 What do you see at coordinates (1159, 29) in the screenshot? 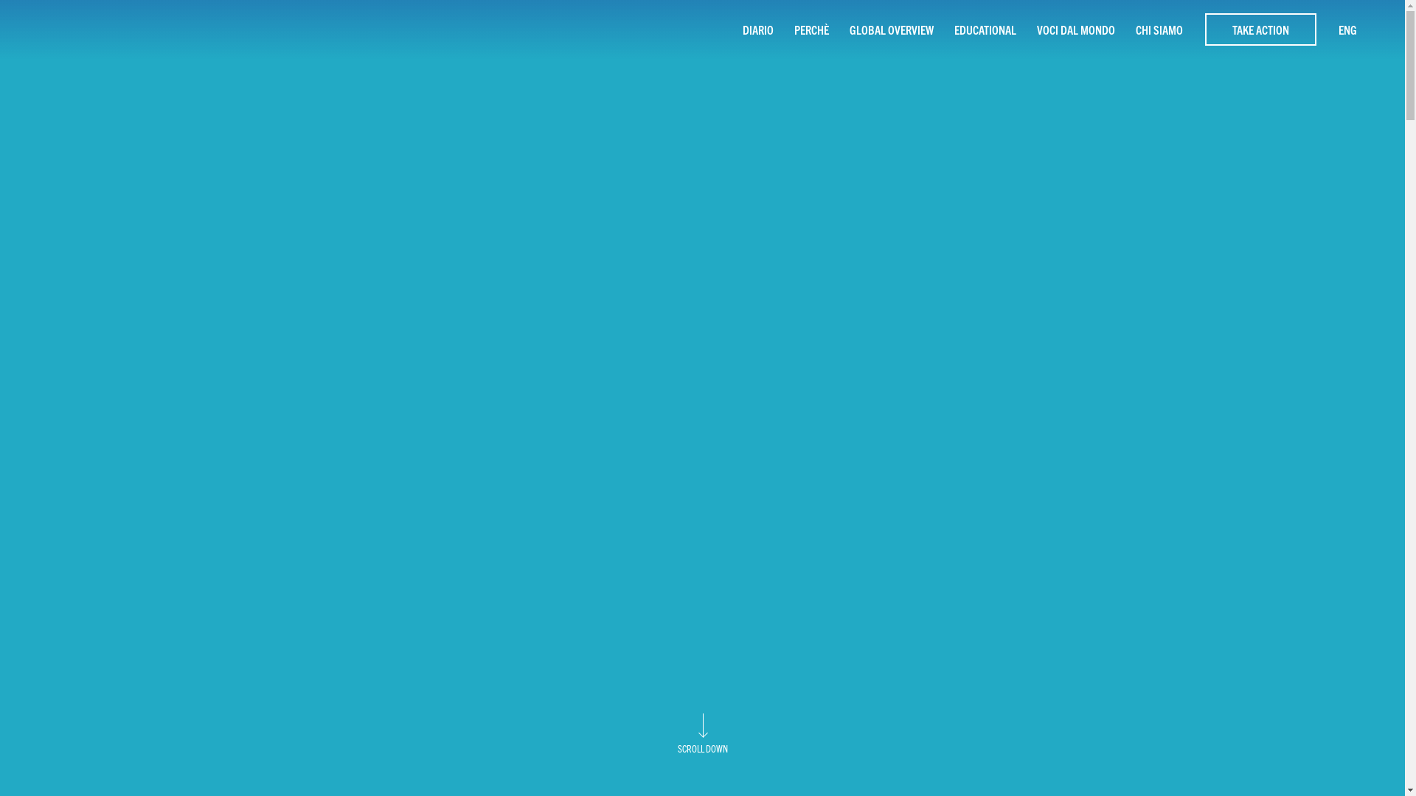
I see `'CHI SIAMO'` at bounding box center [1159, 29].